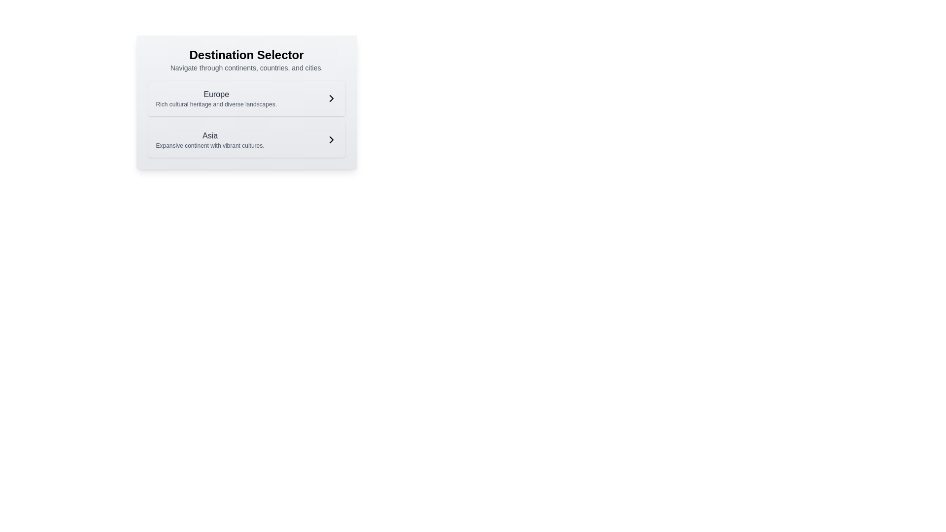 This screenshot has height=532, width=946. Describe the element at coordinates (246, 60) in the screenshot. I see `the text block with heading and subheading that serves as the informational header for the card layout, positioned at the top of the card with a gradient background` at that location.